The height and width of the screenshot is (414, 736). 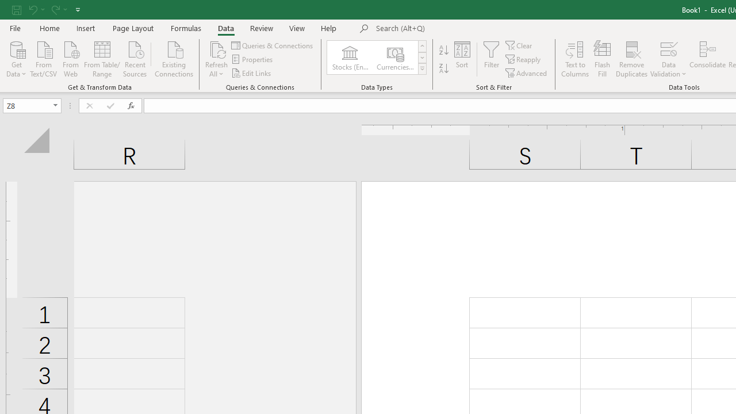 I want to click on 'Sort Z to A', so click(x=443, y=68).